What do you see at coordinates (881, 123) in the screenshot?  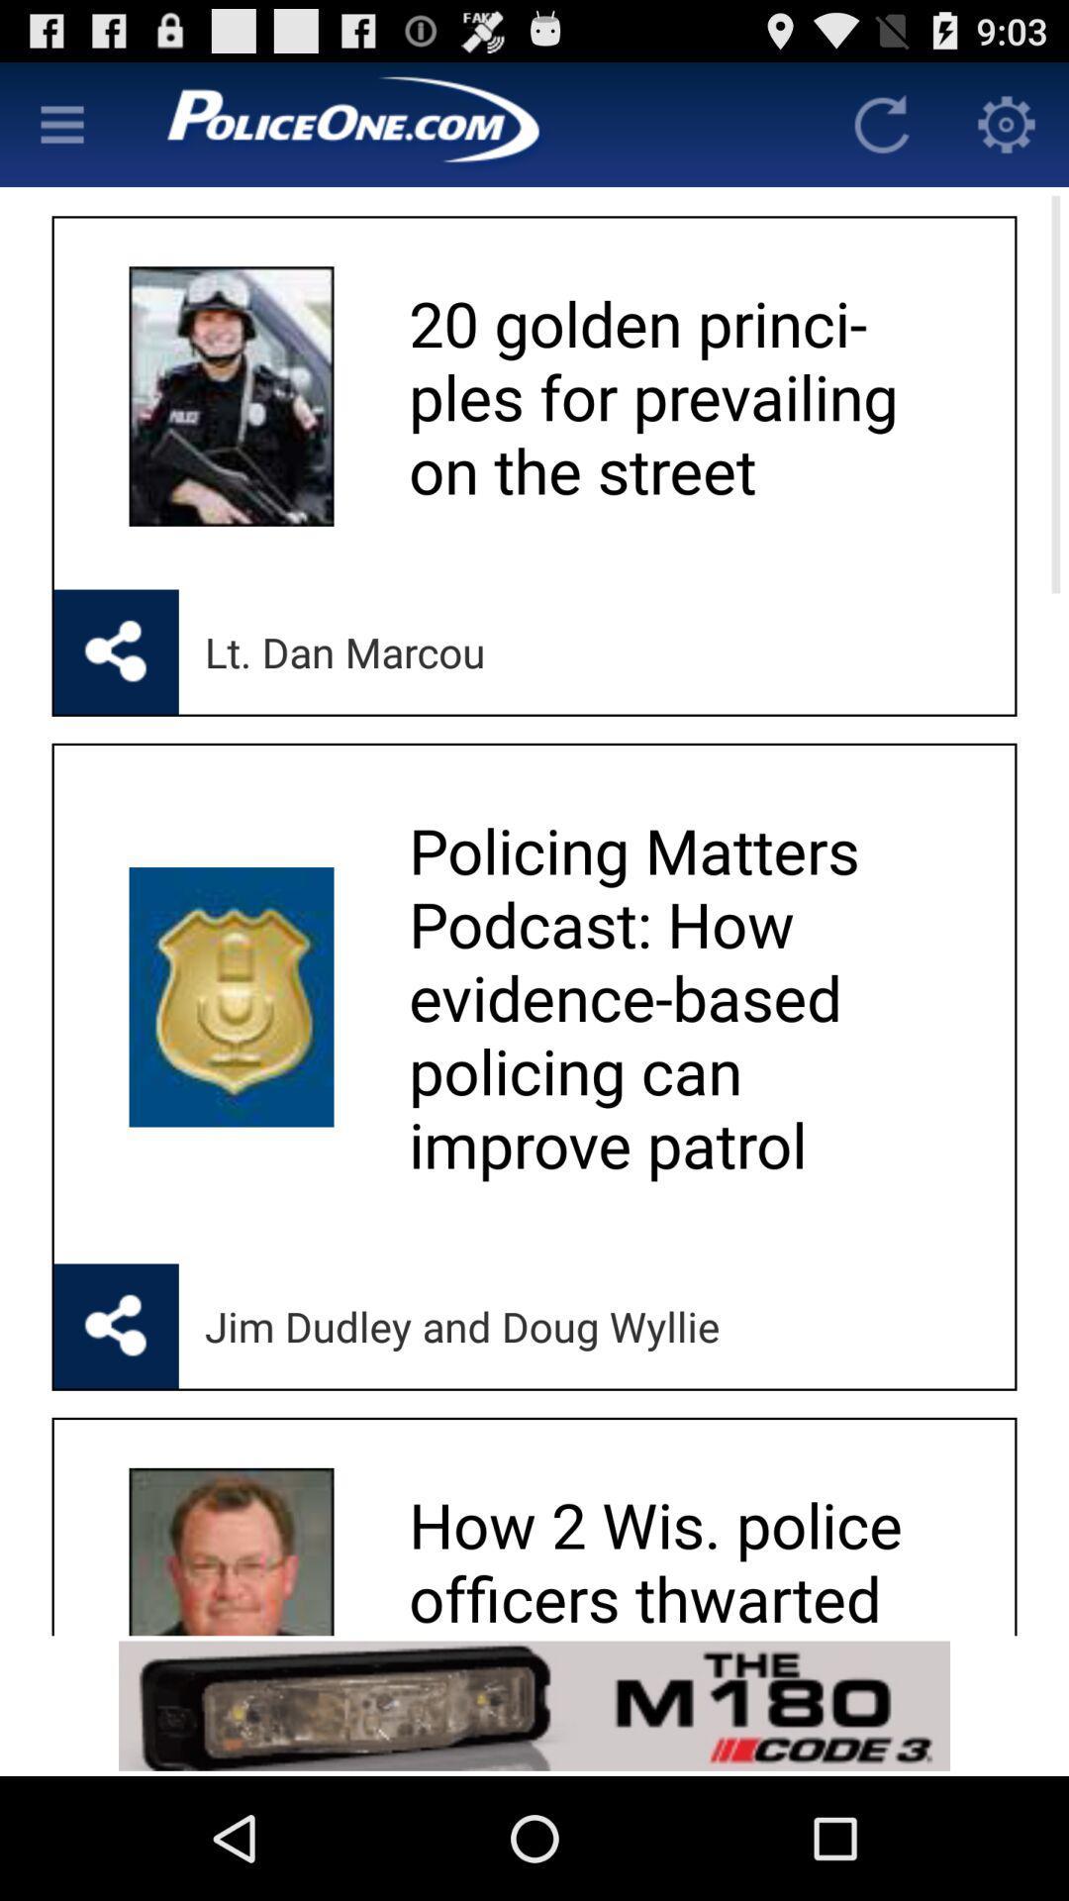 I see `reload page` at bounding box center [881, 123].